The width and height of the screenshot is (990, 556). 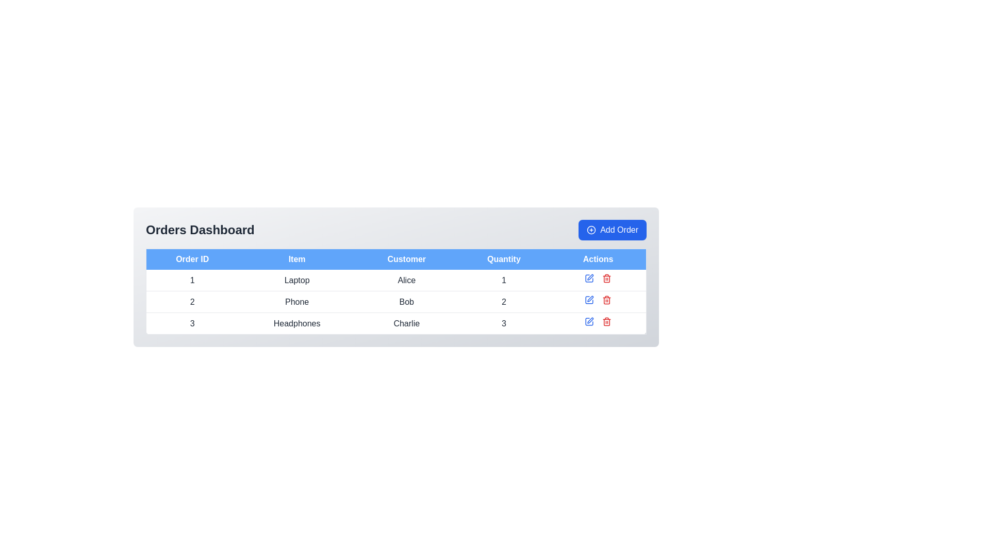 What do you see at coordinates (598, 323) in the screenshot?
I see `the blue edit icon in the Actions column of the row for 'Headphones' with customer 'Charlie' and quantity '3' to modify the row's data` at bounding box center [598, 323].